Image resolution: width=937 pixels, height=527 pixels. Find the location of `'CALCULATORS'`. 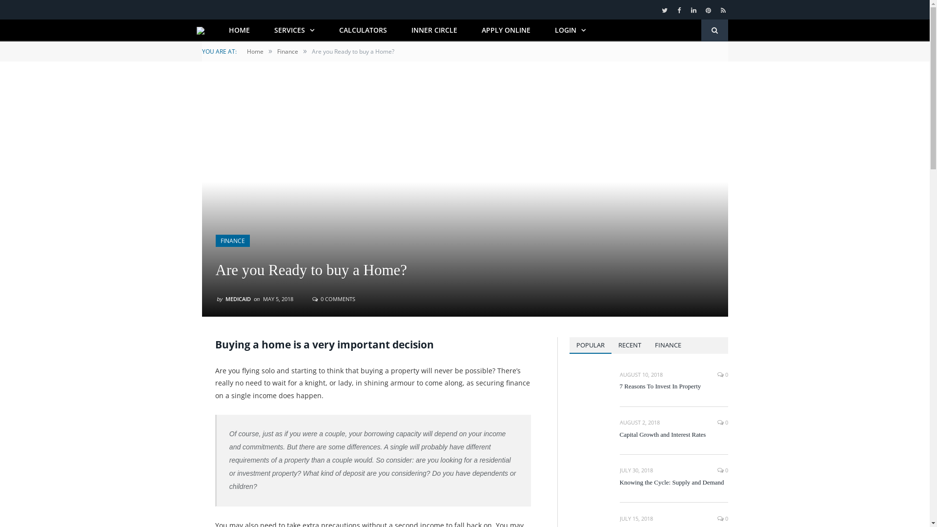

'CALCULATORS' is located at coordinates (363, 30).